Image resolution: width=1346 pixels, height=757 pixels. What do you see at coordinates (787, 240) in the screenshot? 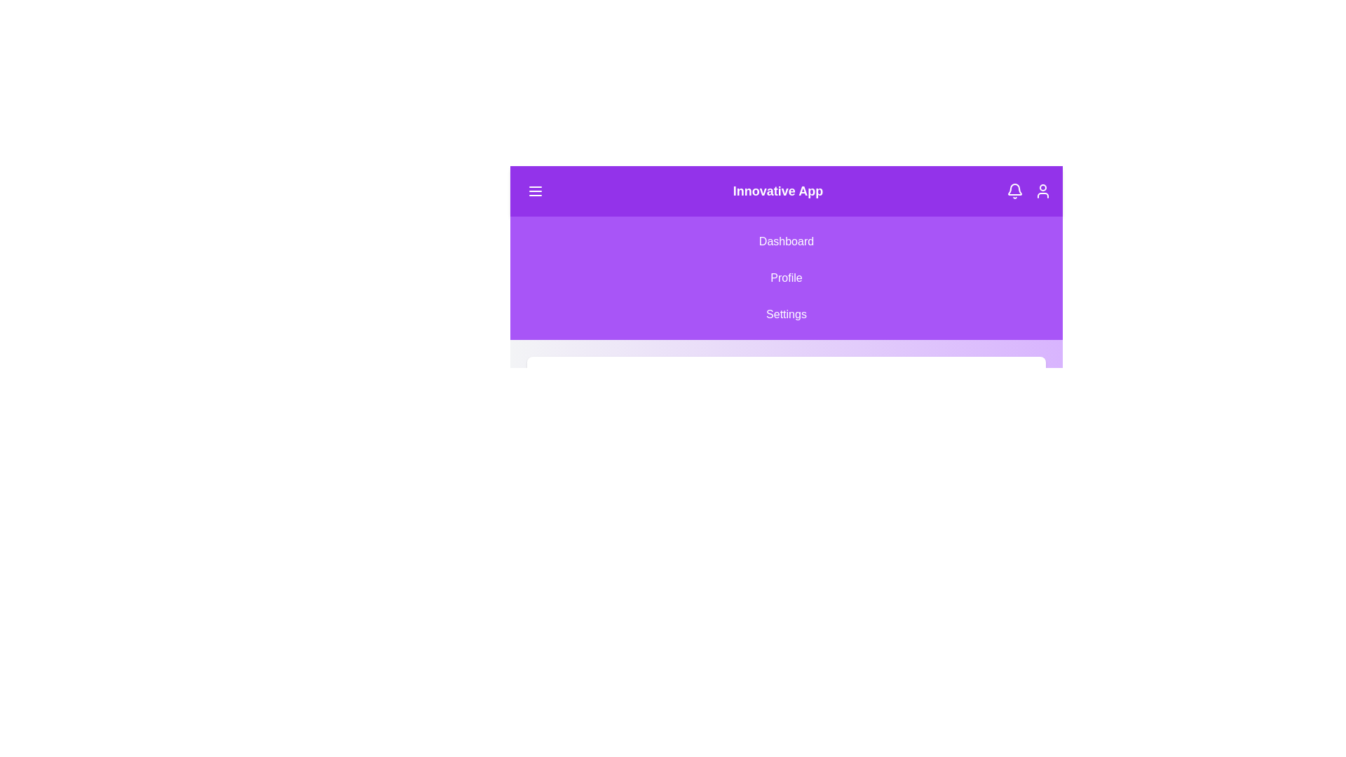
I see `the Dashboard from the navigation menu` at bounding box center [787, 240].